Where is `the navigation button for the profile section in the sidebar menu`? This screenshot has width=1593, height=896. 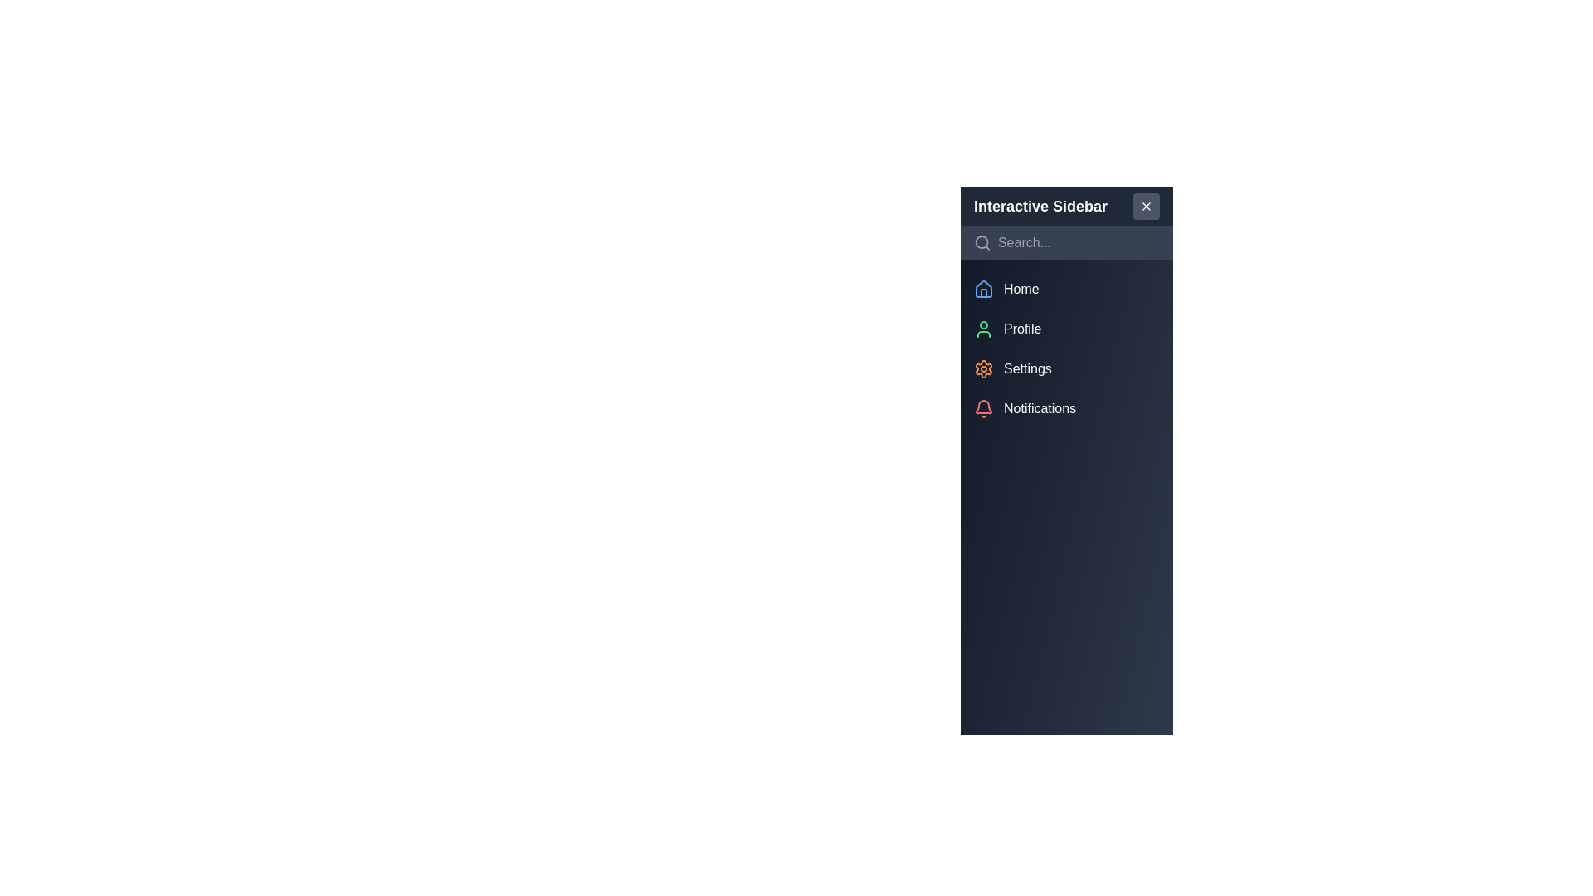
the navigation button for the profile section in the sidebar menu is located at coordinates (1067, 329).